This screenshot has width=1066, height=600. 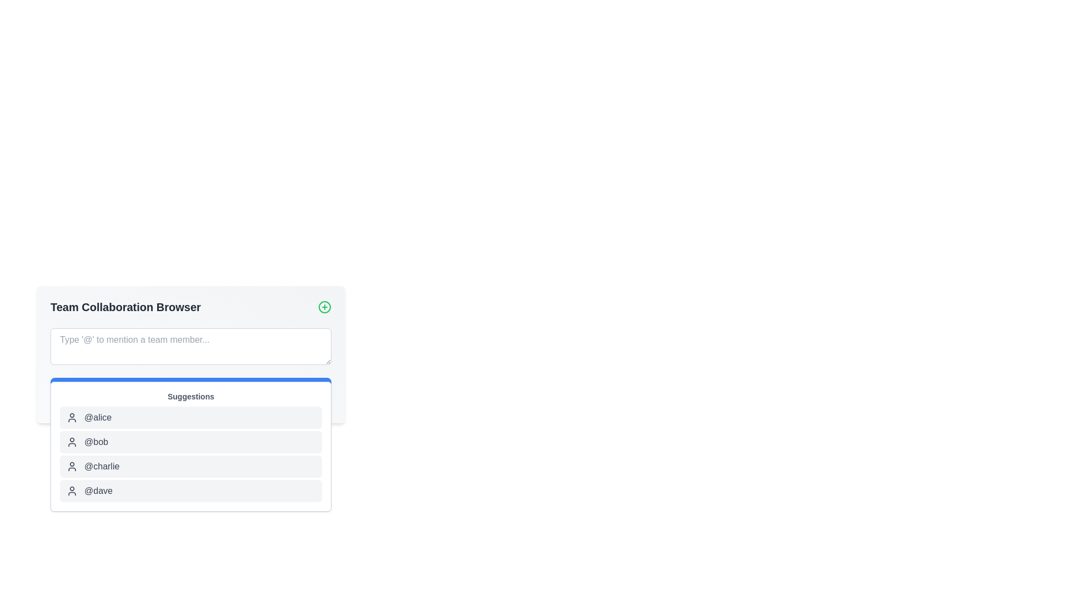 What do you see at coordinates (191, 418) in the screenshot?
I see `the first list entry element that represents the selectable user suggestion '@alice' to fill the input field with this suggestion` at bounding box center [191, 418].